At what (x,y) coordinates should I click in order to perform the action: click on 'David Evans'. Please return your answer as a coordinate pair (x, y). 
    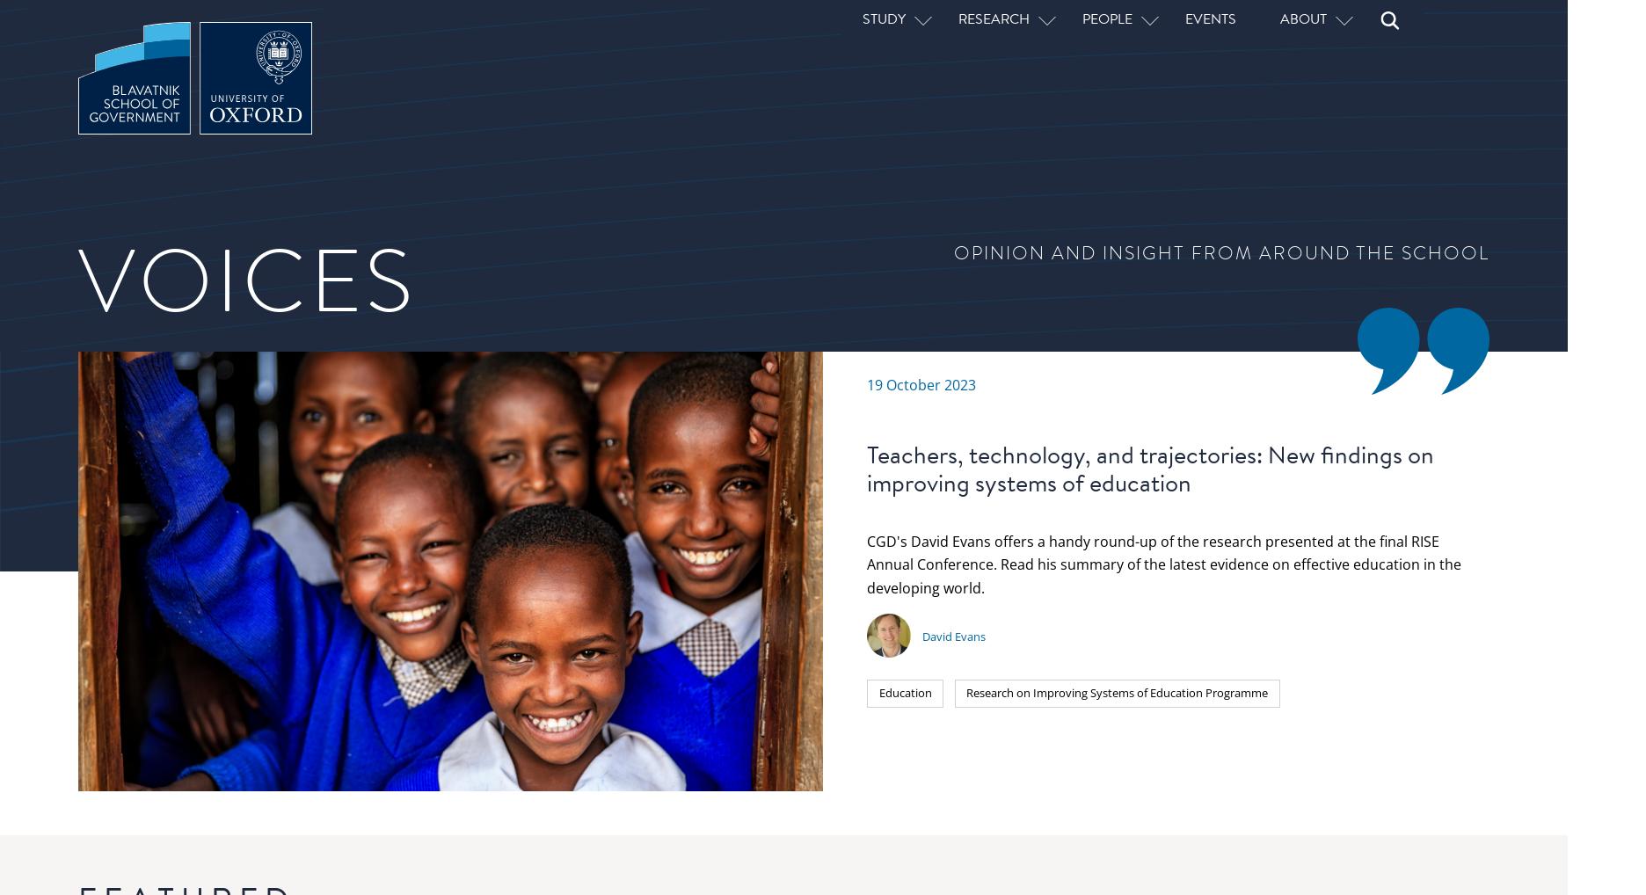
    Looking at the image, I should click on (649, 157).